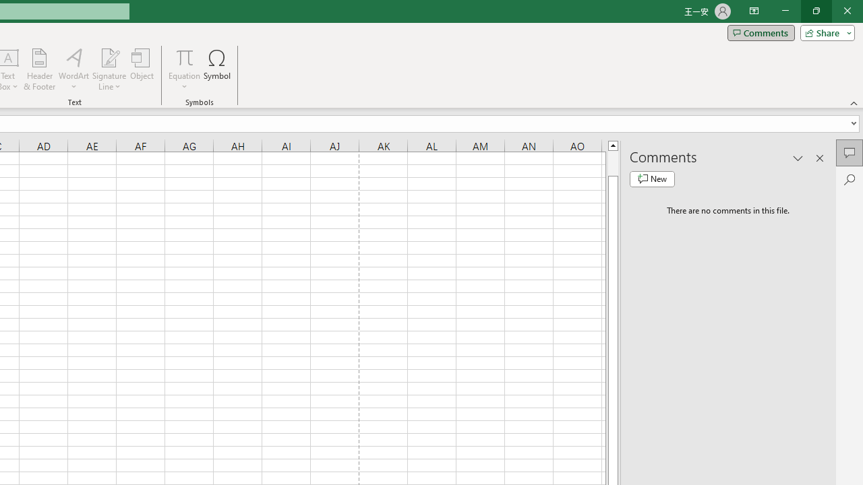 The image size is (863, 485). What do you see at coordinates (183, 57) in the screenshot?
I see `'Equation'` at bounding box center [183, 57].